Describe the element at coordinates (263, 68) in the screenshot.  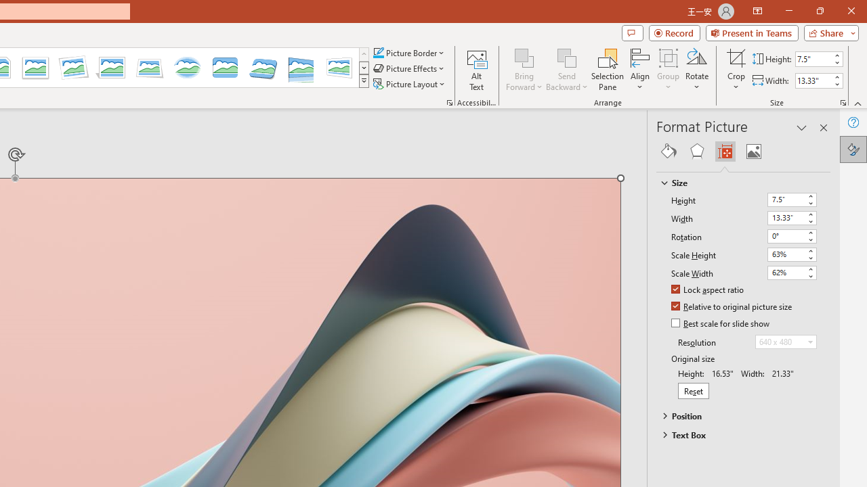
I see `'Bevel Perspective'` at that location.